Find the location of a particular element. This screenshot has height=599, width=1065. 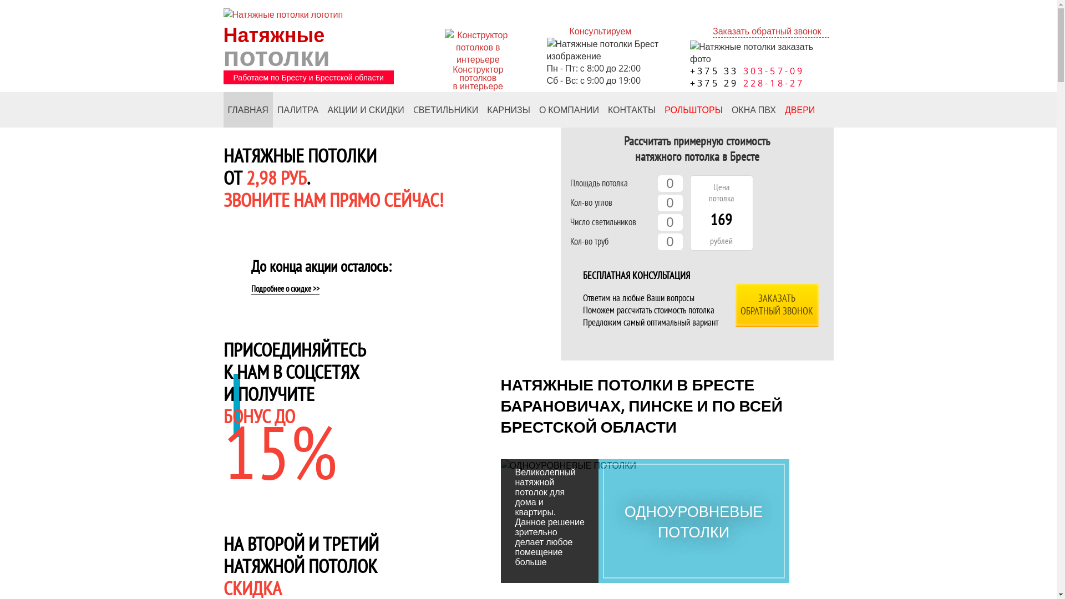

'+375 33 303-57-09' is located at coordinates (748, 70).